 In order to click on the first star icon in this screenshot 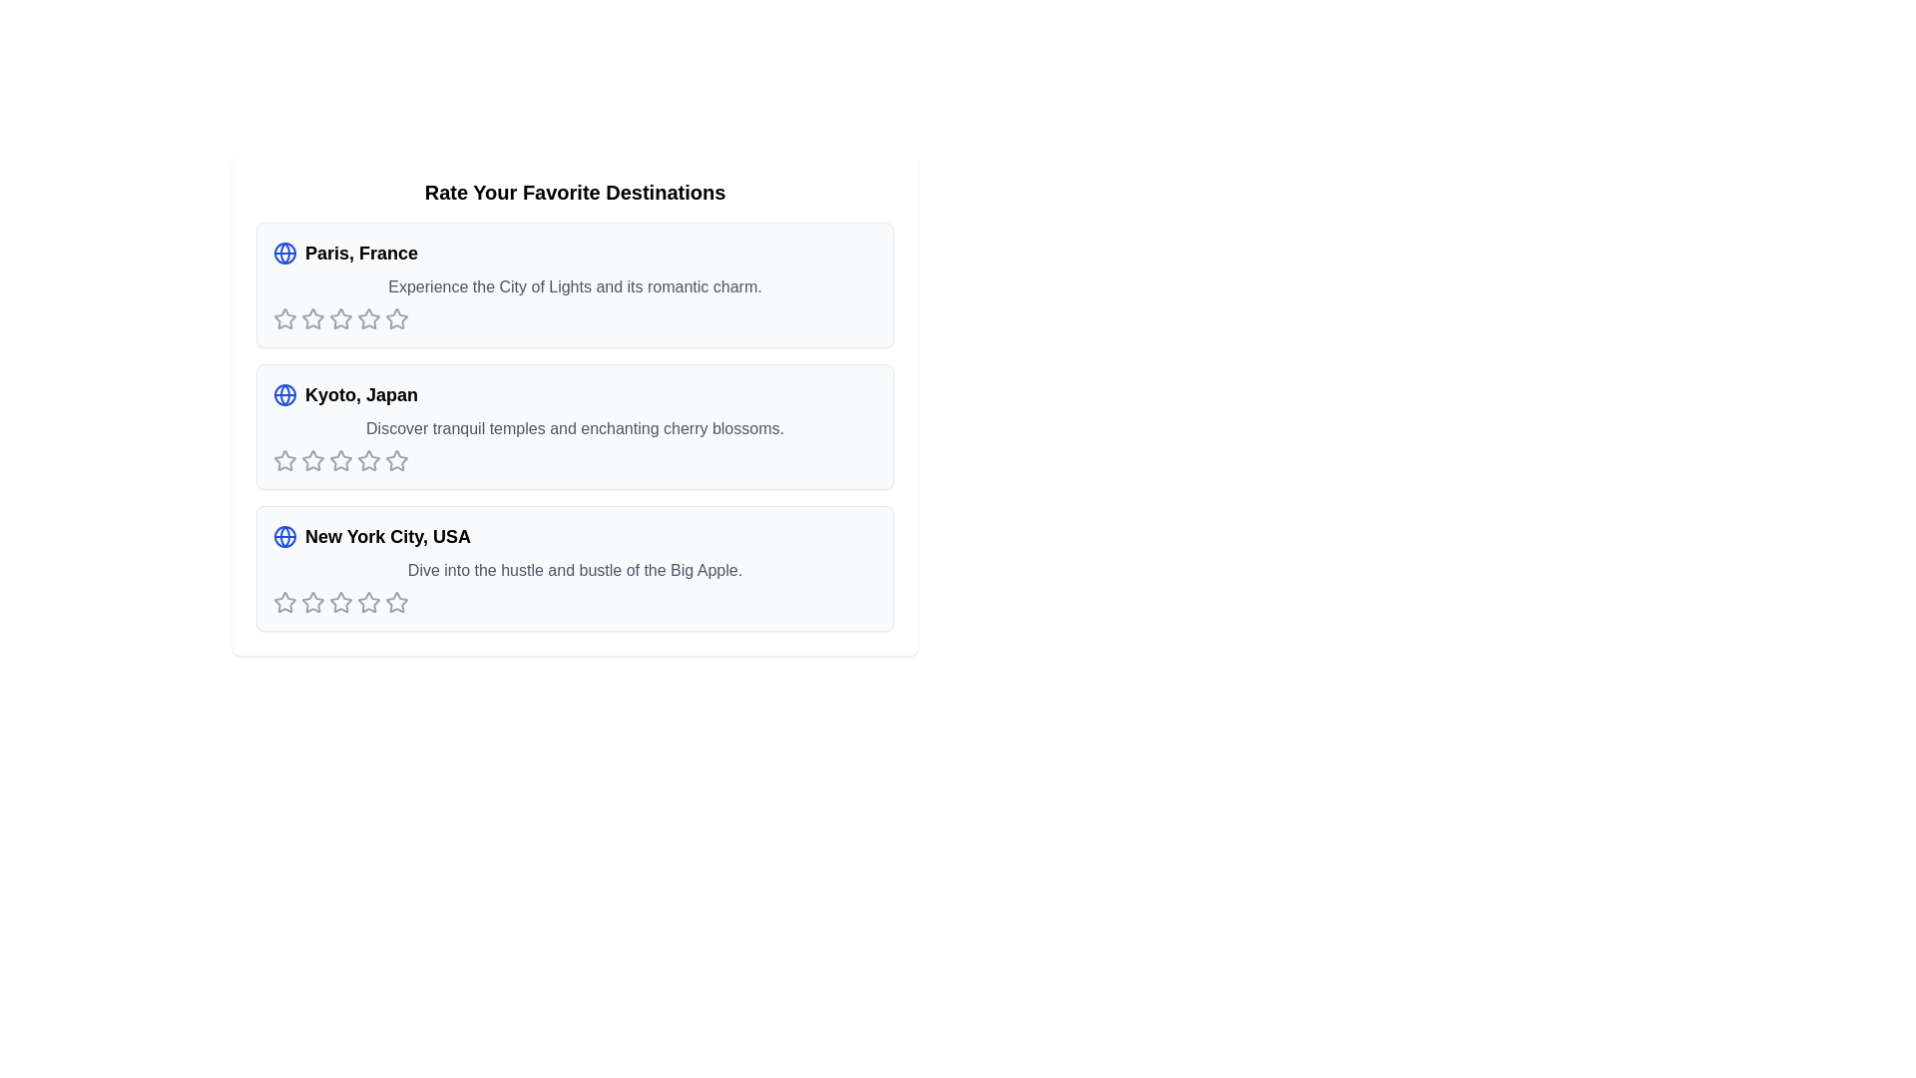, I will do `click(284, 318)`.